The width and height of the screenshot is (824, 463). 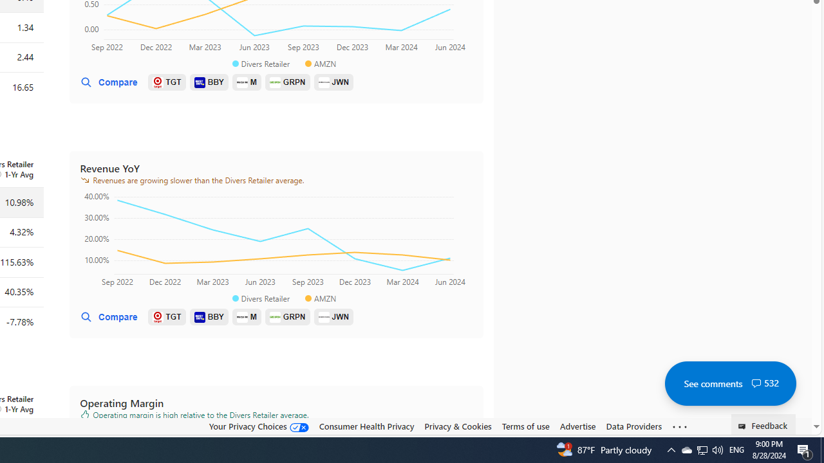 I want to click on 'Feedback', so click(x=763, y=424).